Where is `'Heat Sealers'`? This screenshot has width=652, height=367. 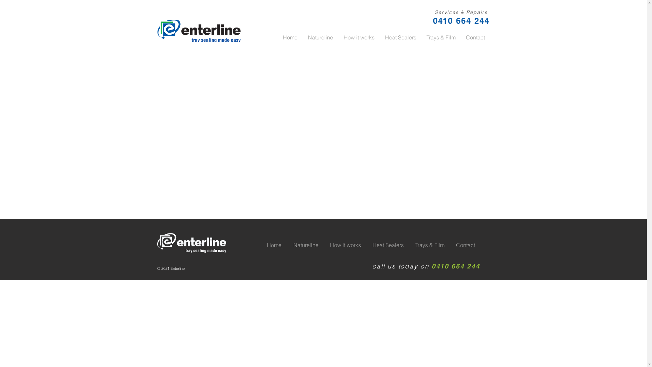
'Heat Sealers' is located at coordinates (387, 245).